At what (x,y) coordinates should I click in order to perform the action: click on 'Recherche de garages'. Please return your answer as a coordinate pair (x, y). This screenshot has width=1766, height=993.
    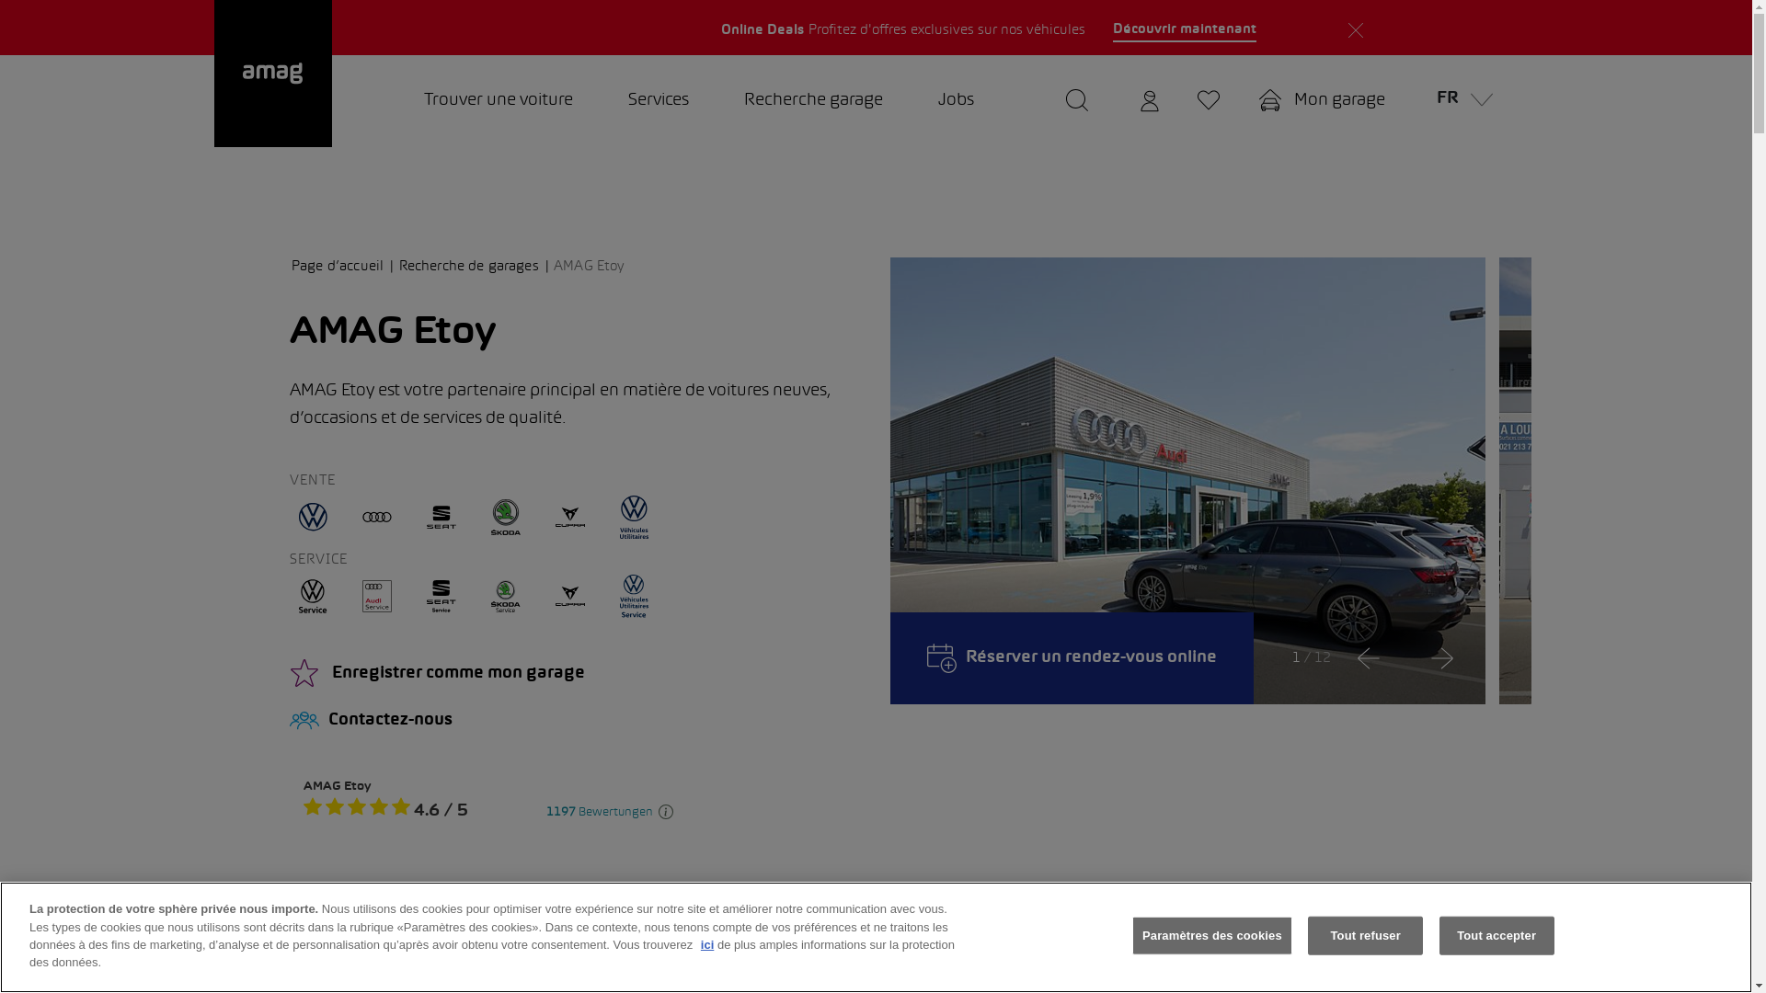
    Looking at the image, I should click on (396, 266).